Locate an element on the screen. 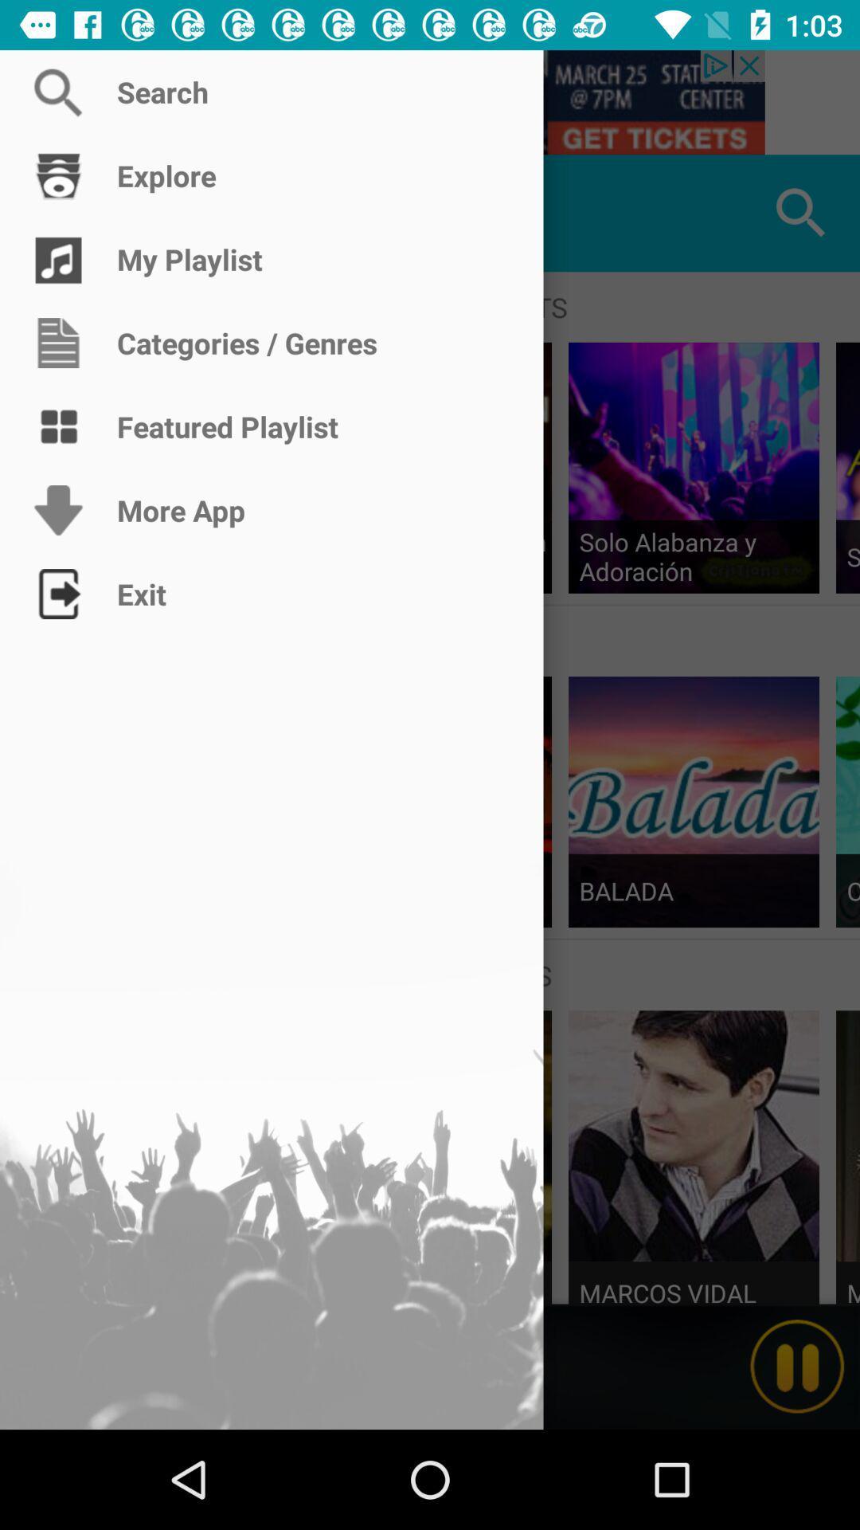  switch pages is located at coordinates (57, 212).